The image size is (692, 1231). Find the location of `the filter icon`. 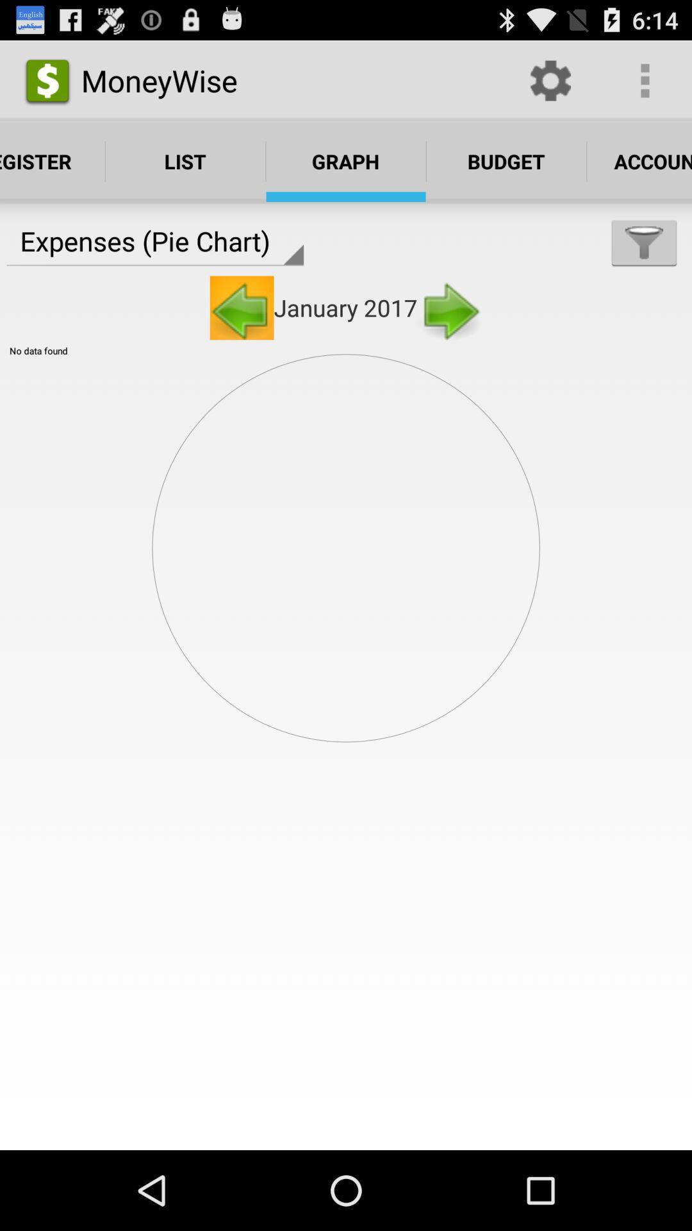

the filter icon is located at coordinates (644, 259).